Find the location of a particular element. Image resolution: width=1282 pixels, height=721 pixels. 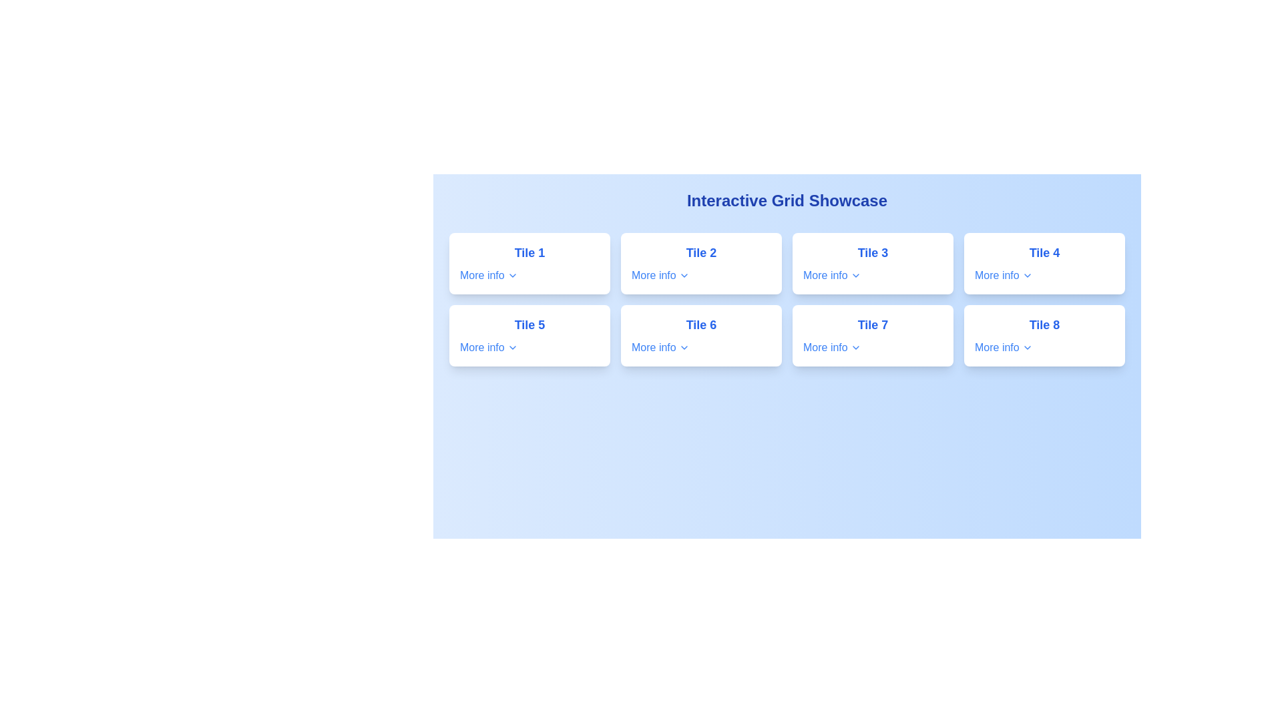

text label 'Tile 5' which is a bold, large, blue font label prominently displayed at the specified coordinates is located at coordinates (529, 324).